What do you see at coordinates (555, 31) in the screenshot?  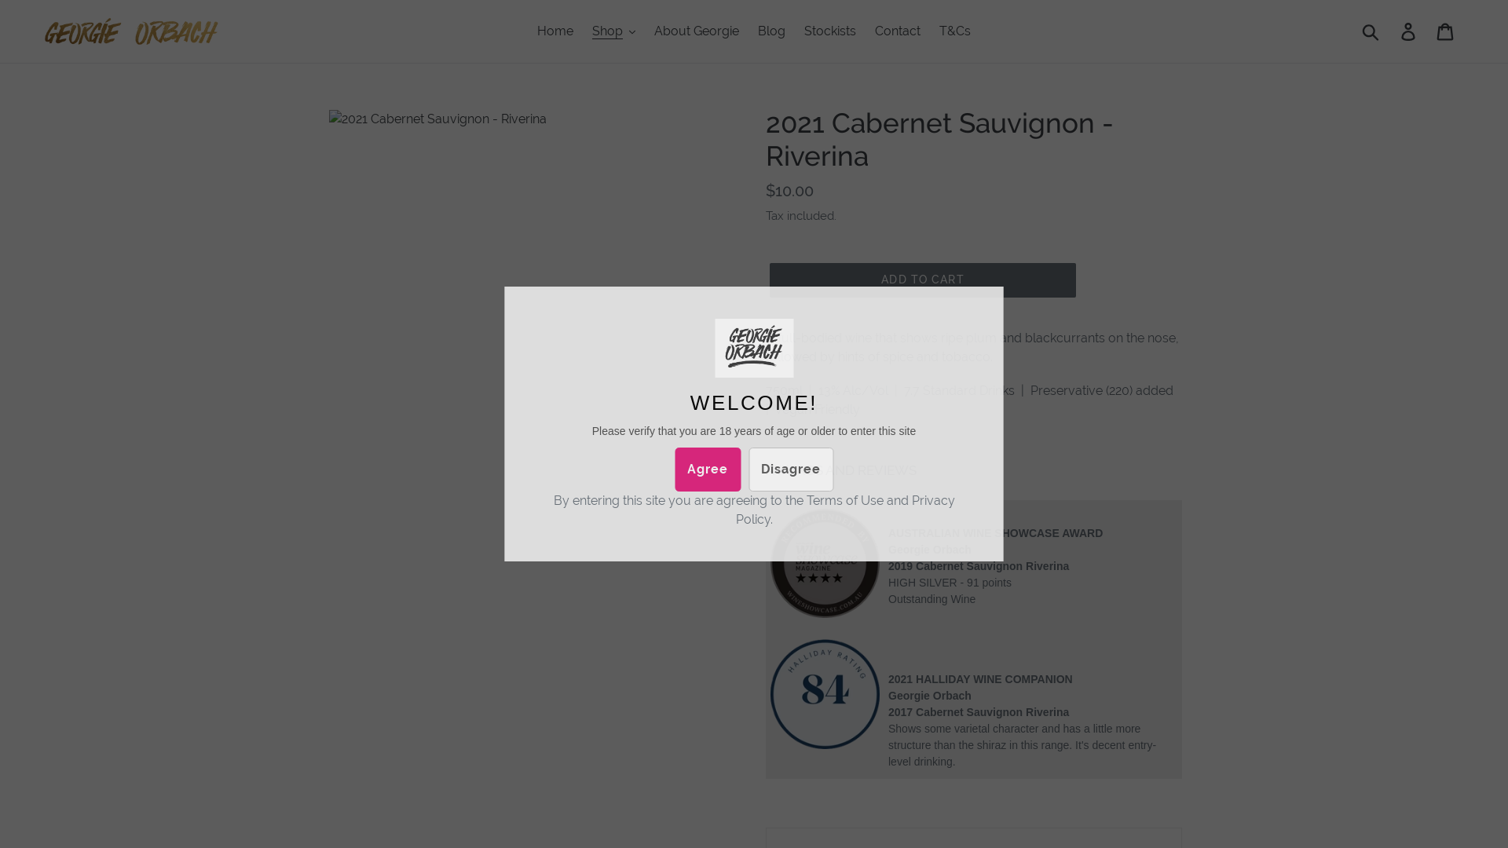 I see `'Home'` at bounding box center [555, 31].